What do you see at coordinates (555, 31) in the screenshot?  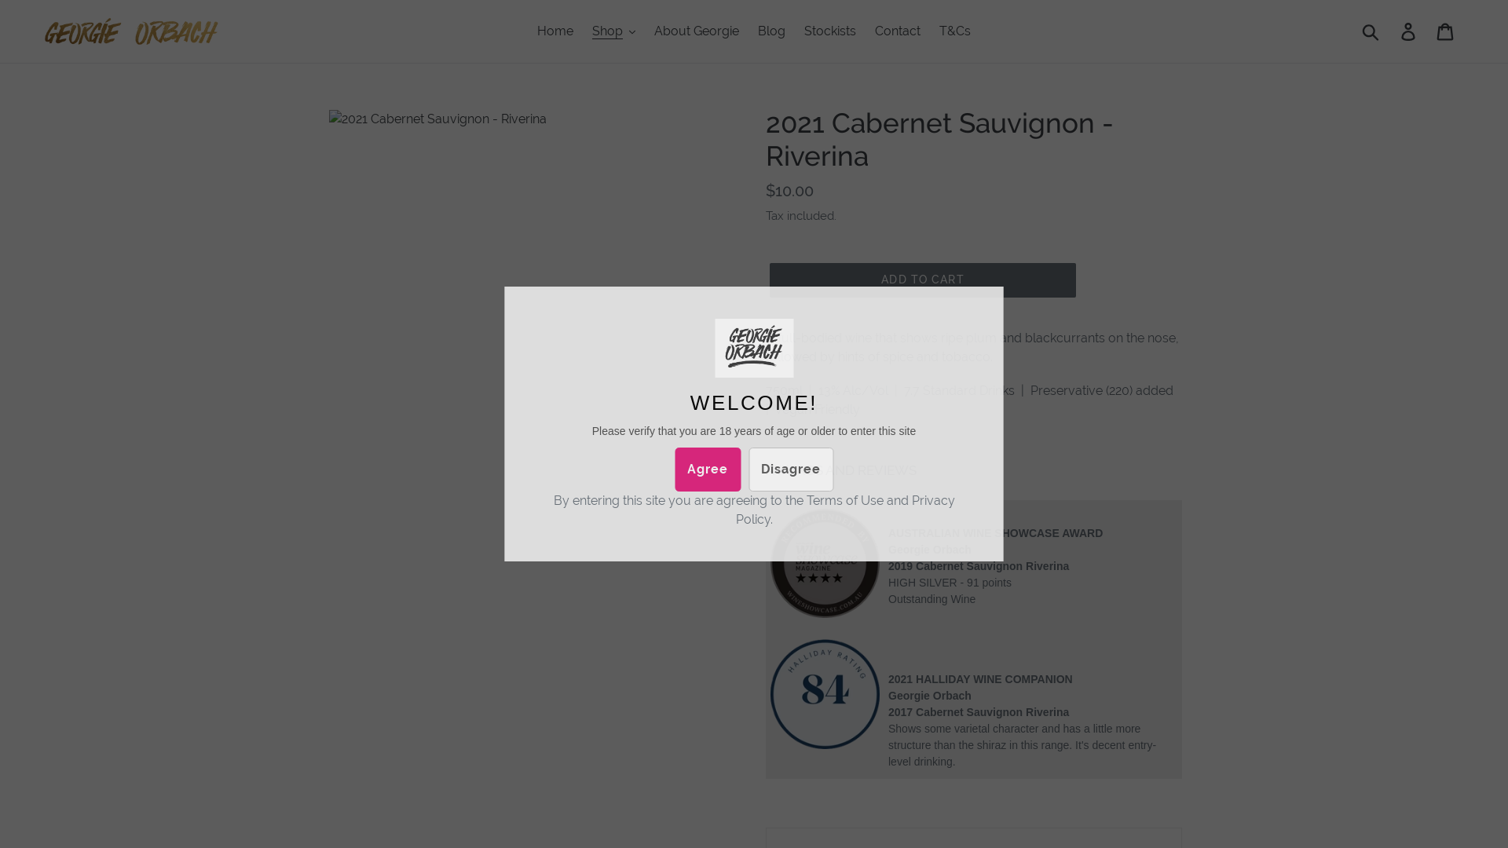 I see `'Home'` at bounding box center [555, 31].